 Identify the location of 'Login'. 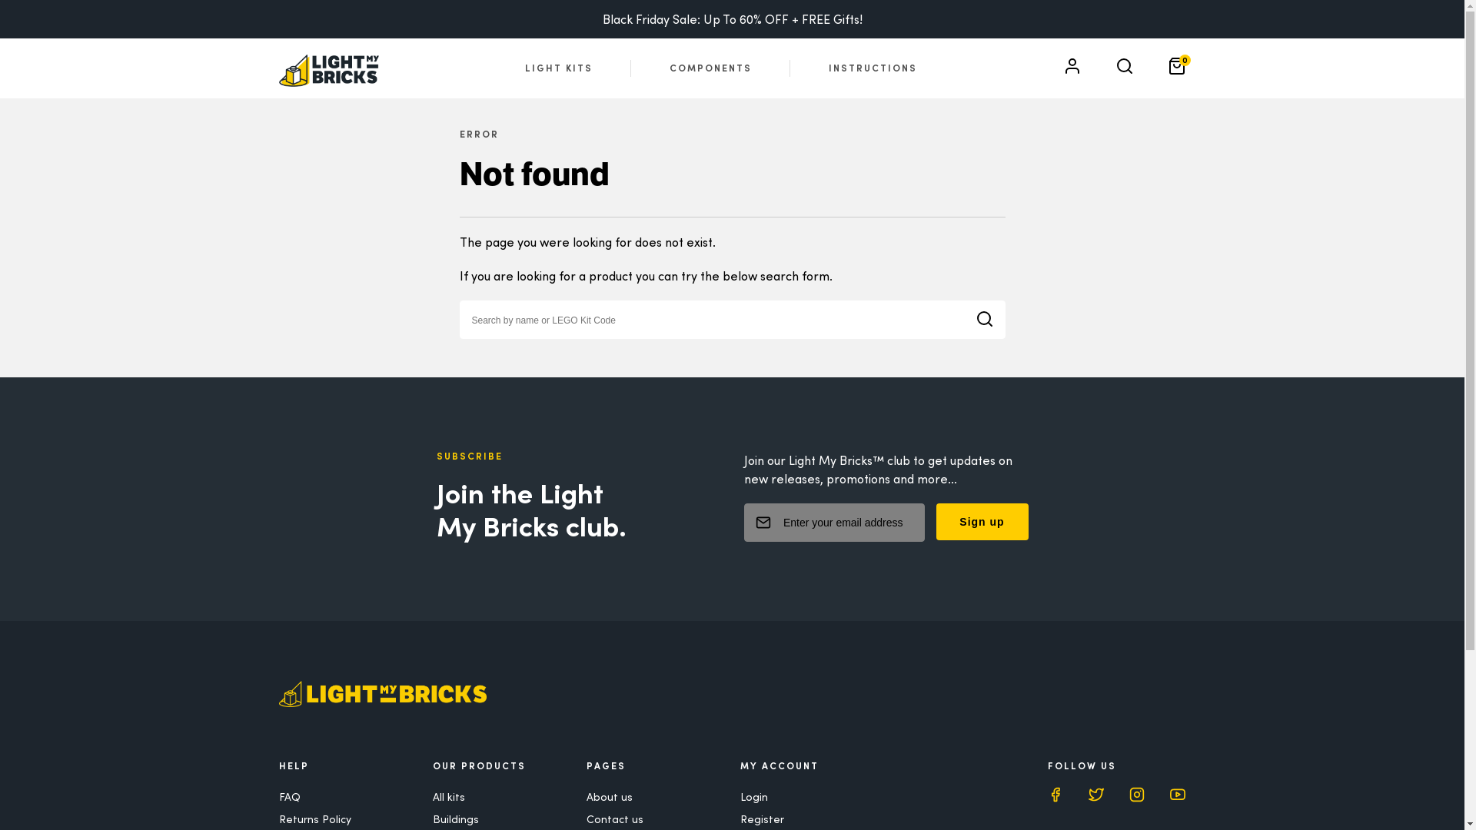
(753, 796).